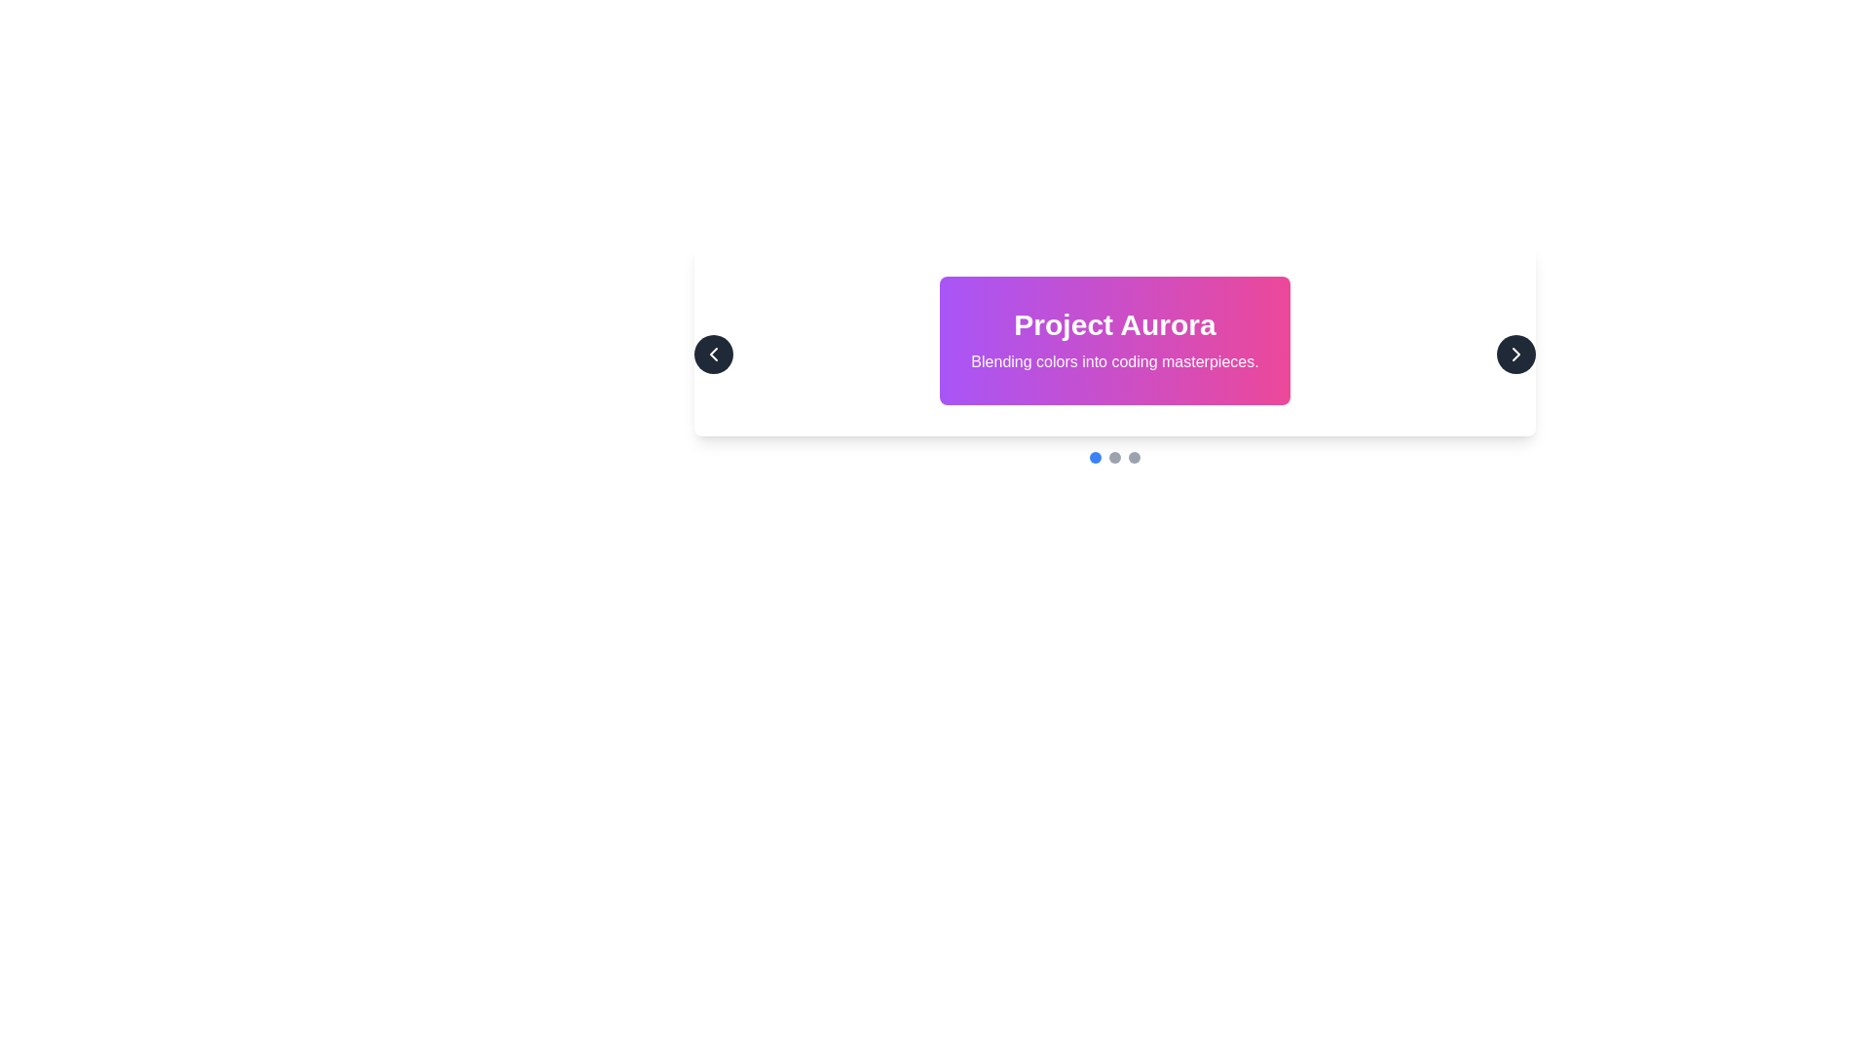 This screenshot has height=1052, width=1870. What do you see at coordinates (1115, 361) in the screenshot?
I see `the static text label displaying 'Blending colors into coding masterpieces.' which is located beneath the heading 'Project Aurora' within a rounded card in a horizontally scrollable carousel` at bounding box center [1115, 361].